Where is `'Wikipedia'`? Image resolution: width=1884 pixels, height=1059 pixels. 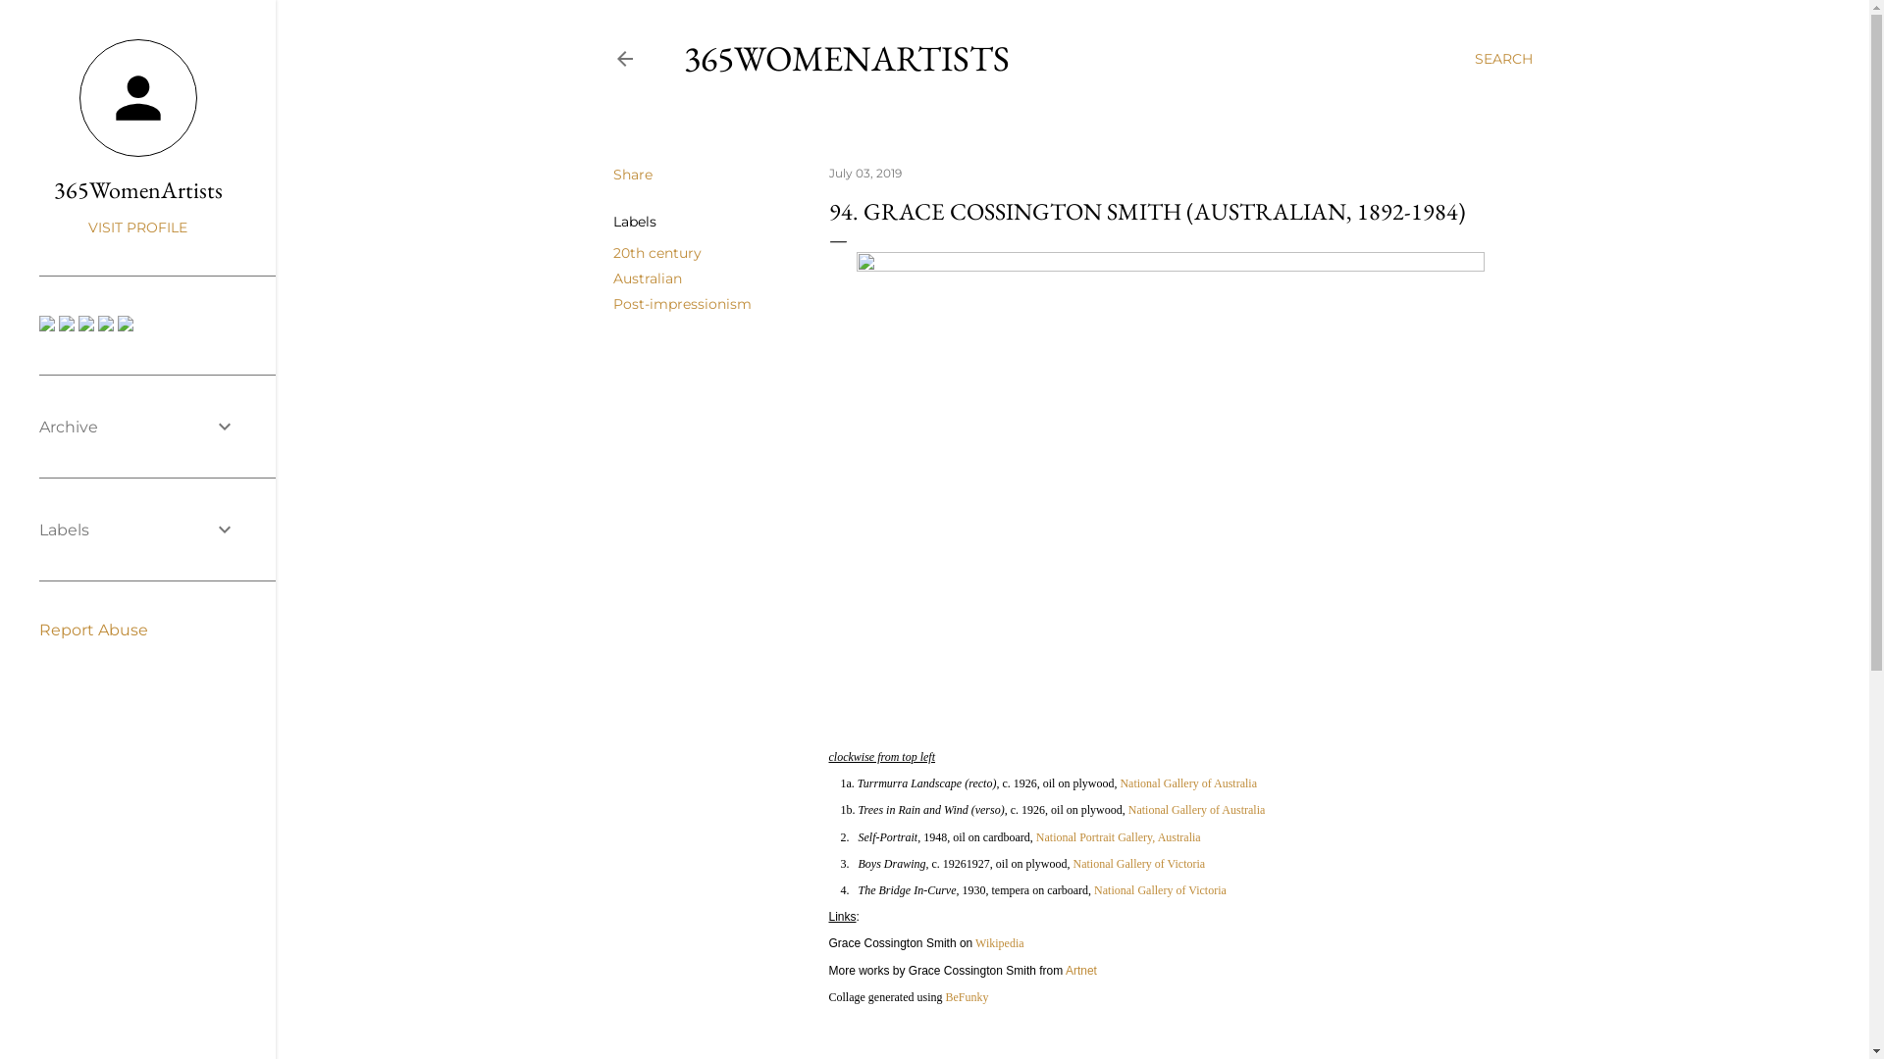 'Wikipedia' is located at coordinates (999, 941).